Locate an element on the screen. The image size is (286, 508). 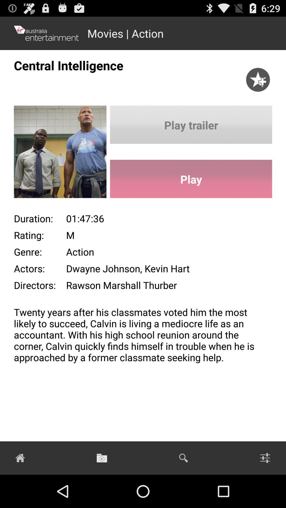
the item next to the central intelligence is located at coordinates (258, 74).